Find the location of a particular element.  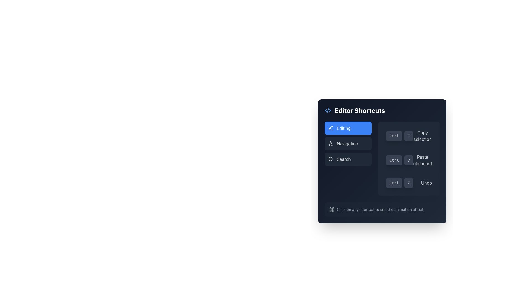

the title text label located at the top of the panel, which describes the content and functionality of the editor interface is located at coordinates (360, 110).